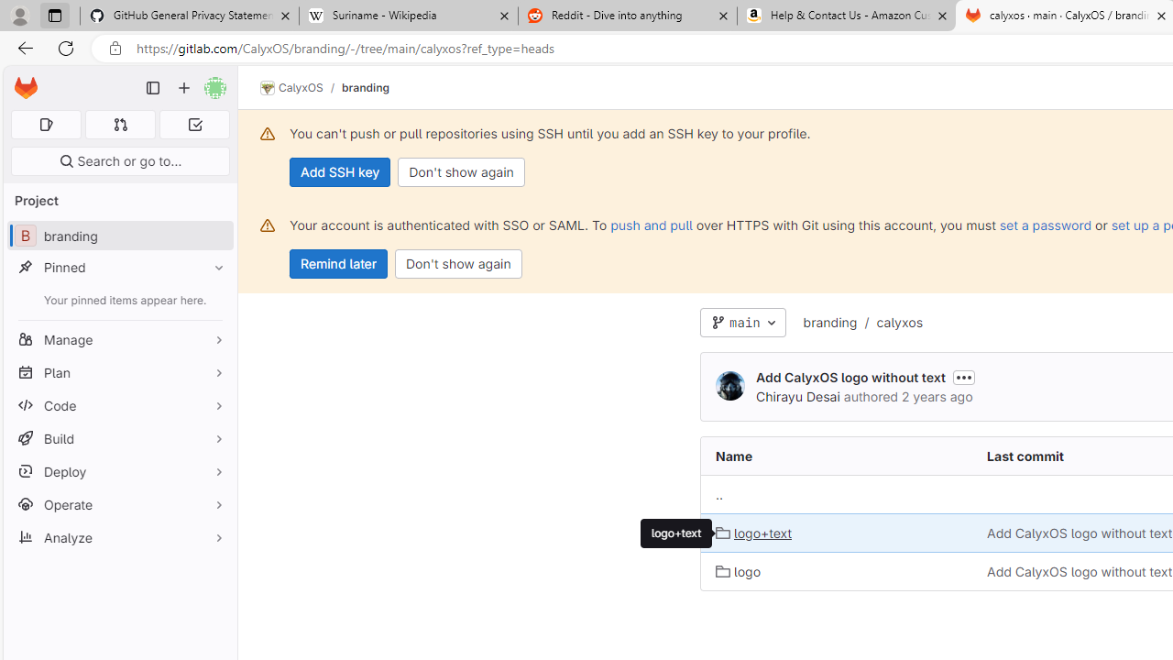 The width and height of the screenshot is (1173, 660). I want to click on 'Manage', so click(119, 339).